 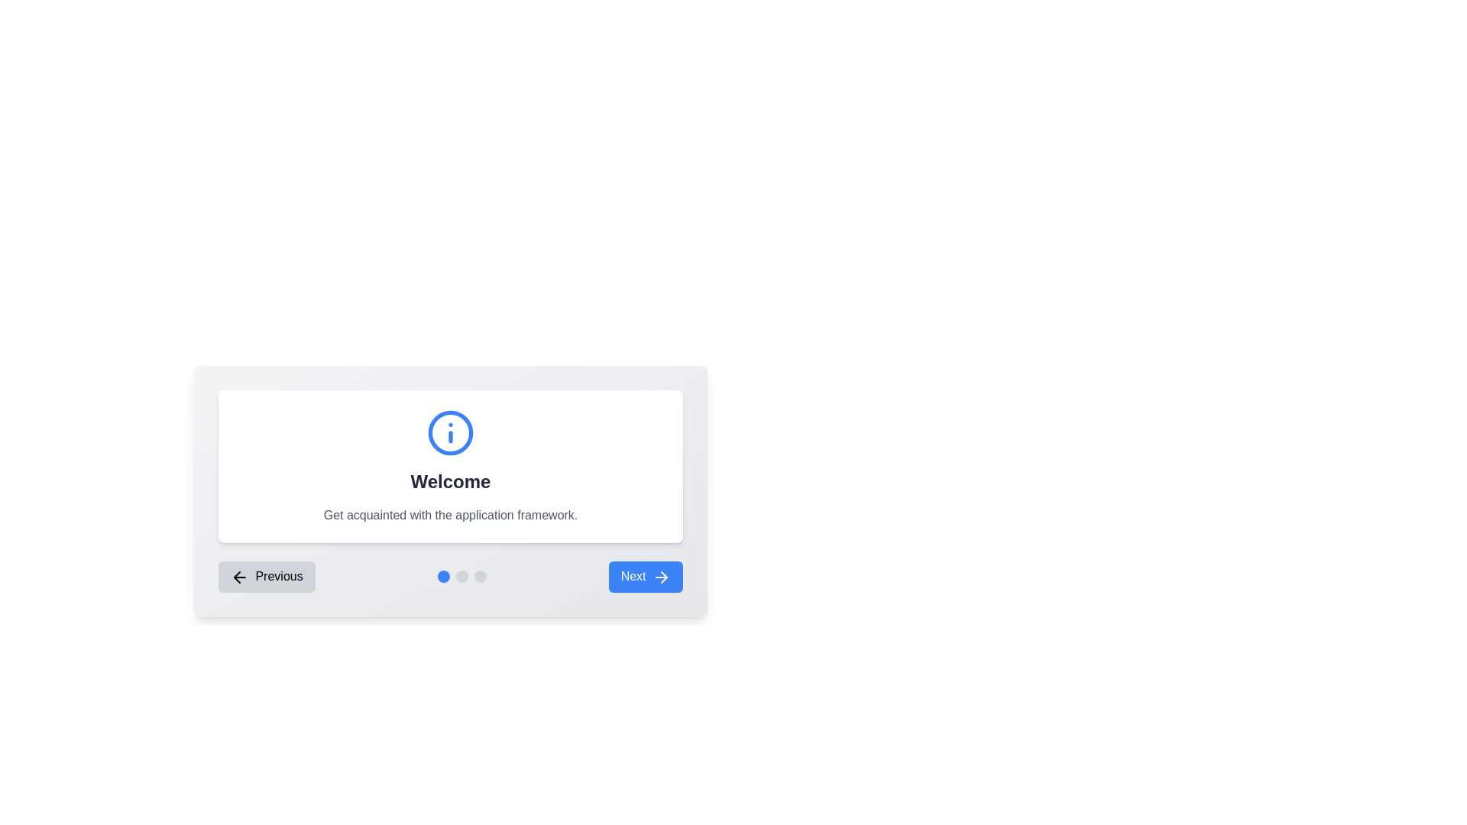 What do you see at coordinates (479, 577) in the screenshot?
I see `the rightmost circular indicator in the step progress tracker, which is the third among three similar indicators, located below a rectangular card` at bounding box center [479, 577].